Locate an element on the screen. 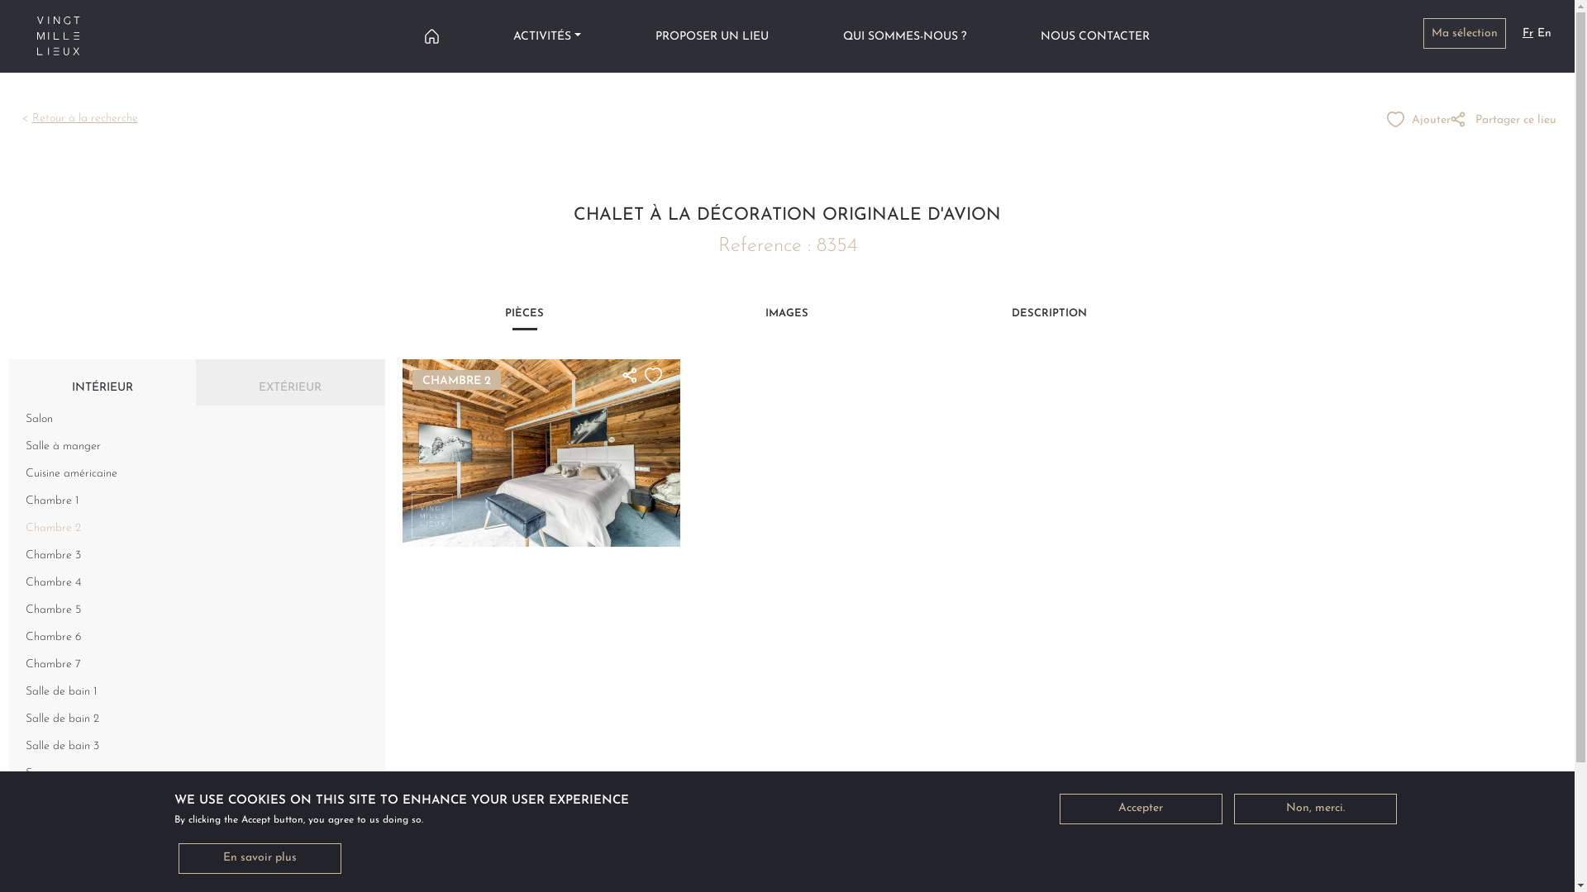  'NOUS CONTACTER' is located at coordinates (1094, 36).